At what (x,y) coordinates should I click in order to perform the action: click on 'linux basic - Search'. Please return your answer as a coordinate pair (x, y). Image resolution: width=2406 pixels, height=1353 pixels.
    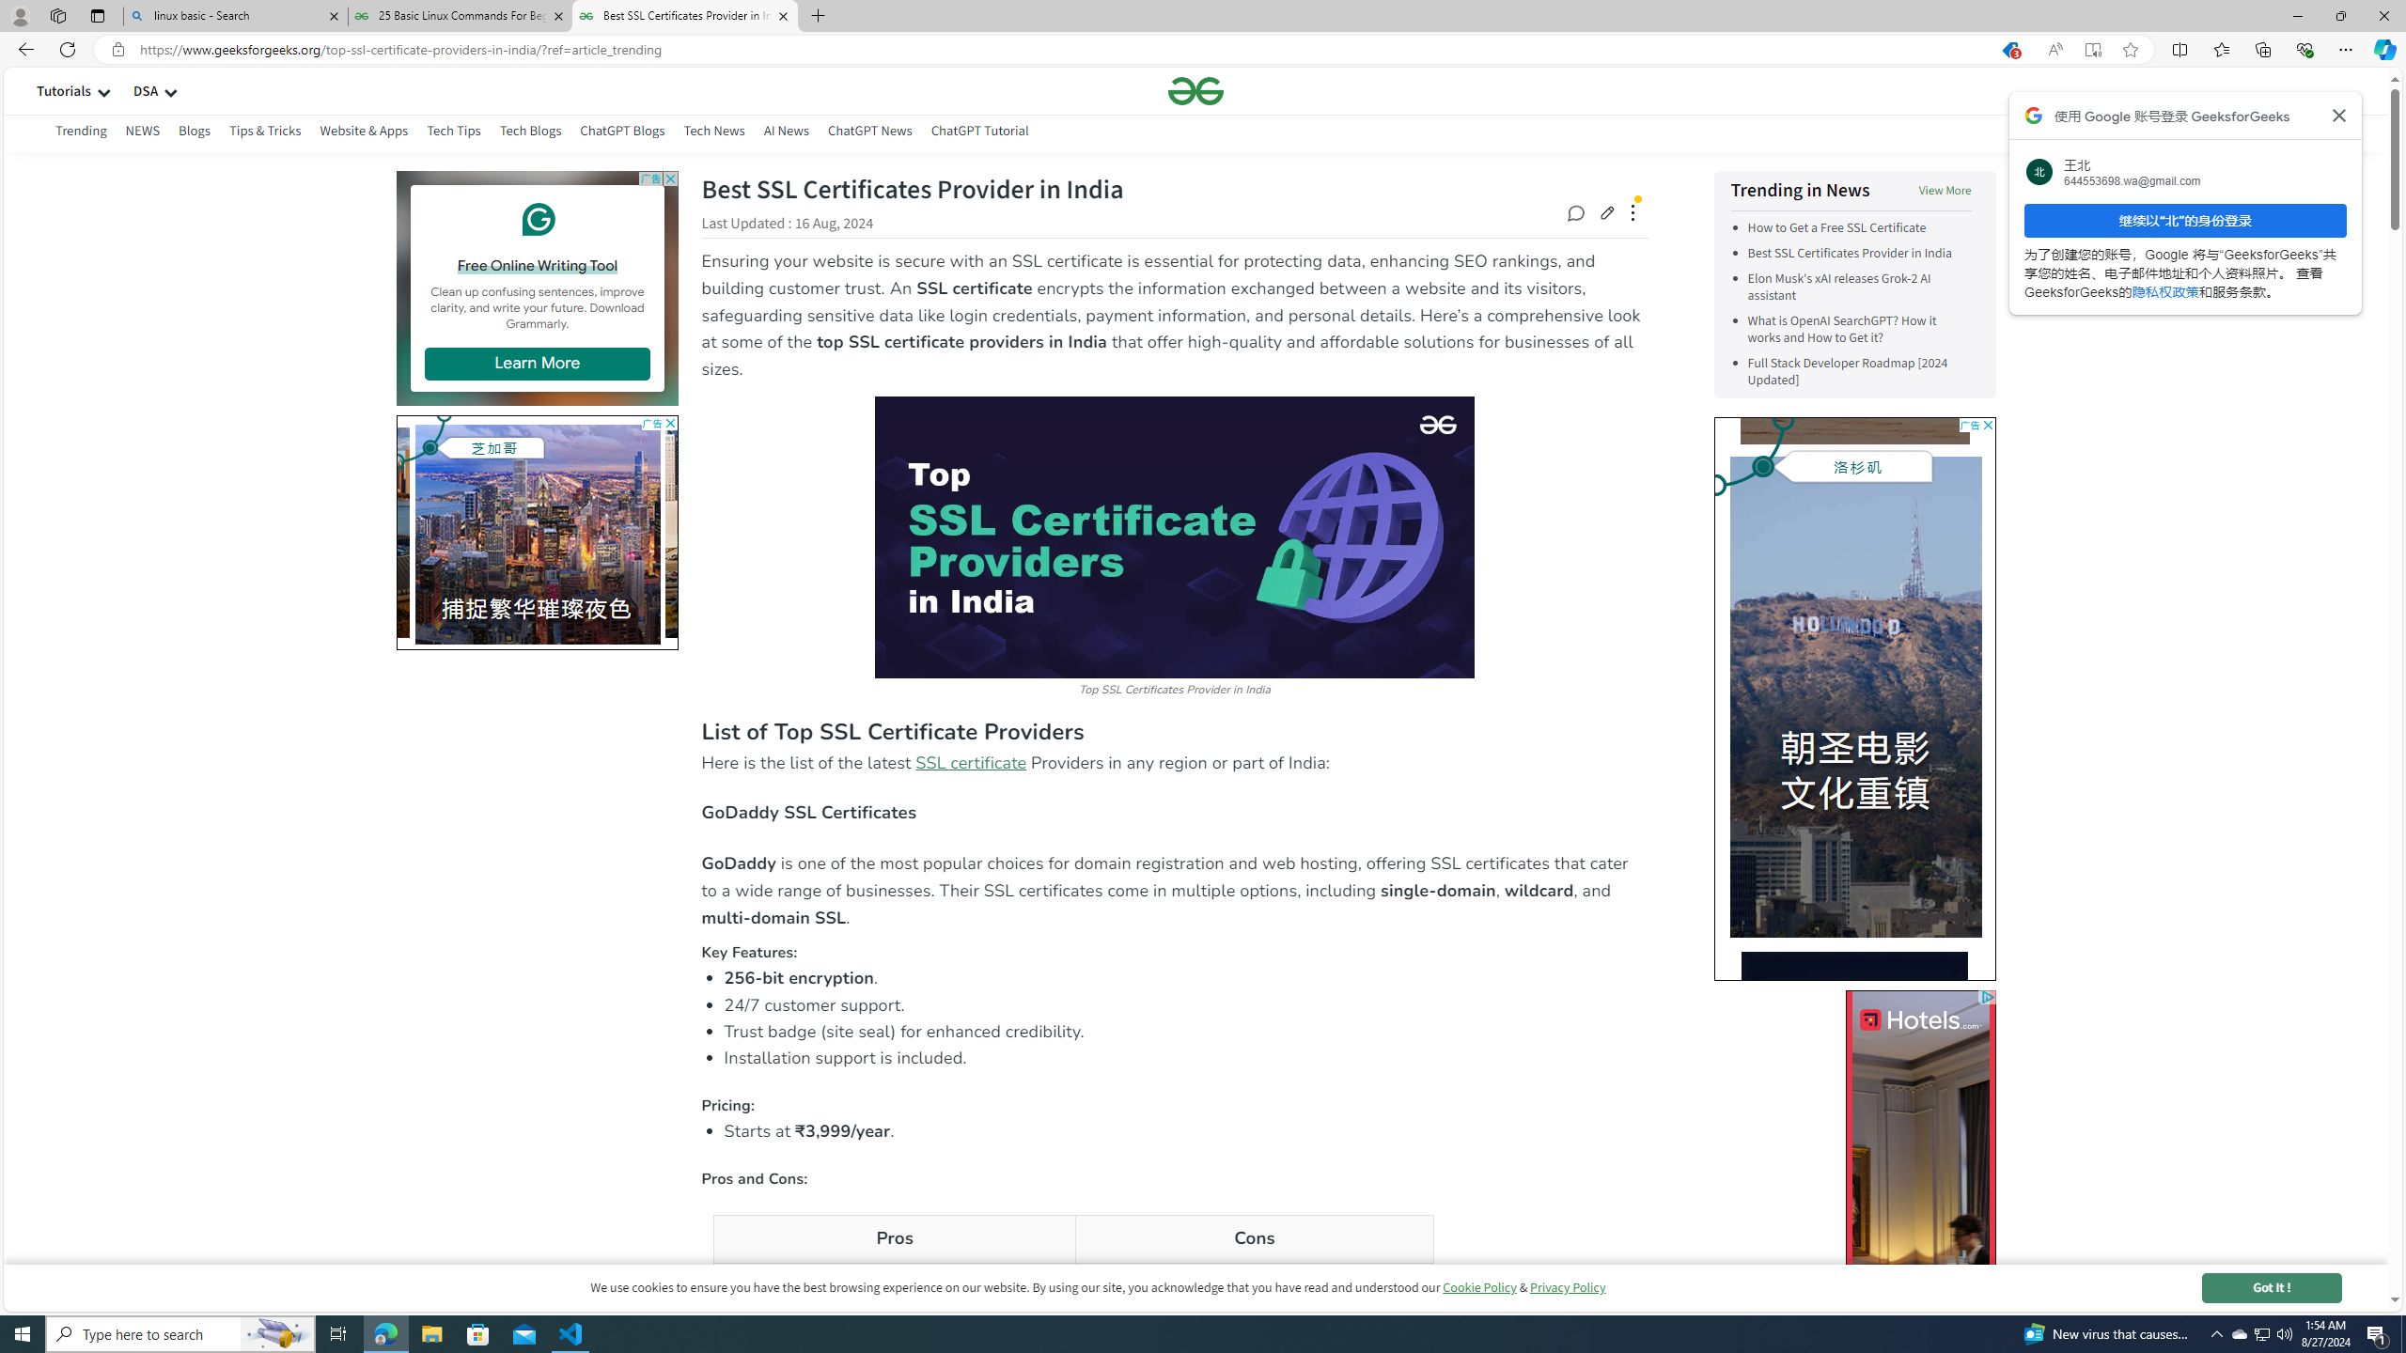
    Looking at the image, I should click on (234, 15).